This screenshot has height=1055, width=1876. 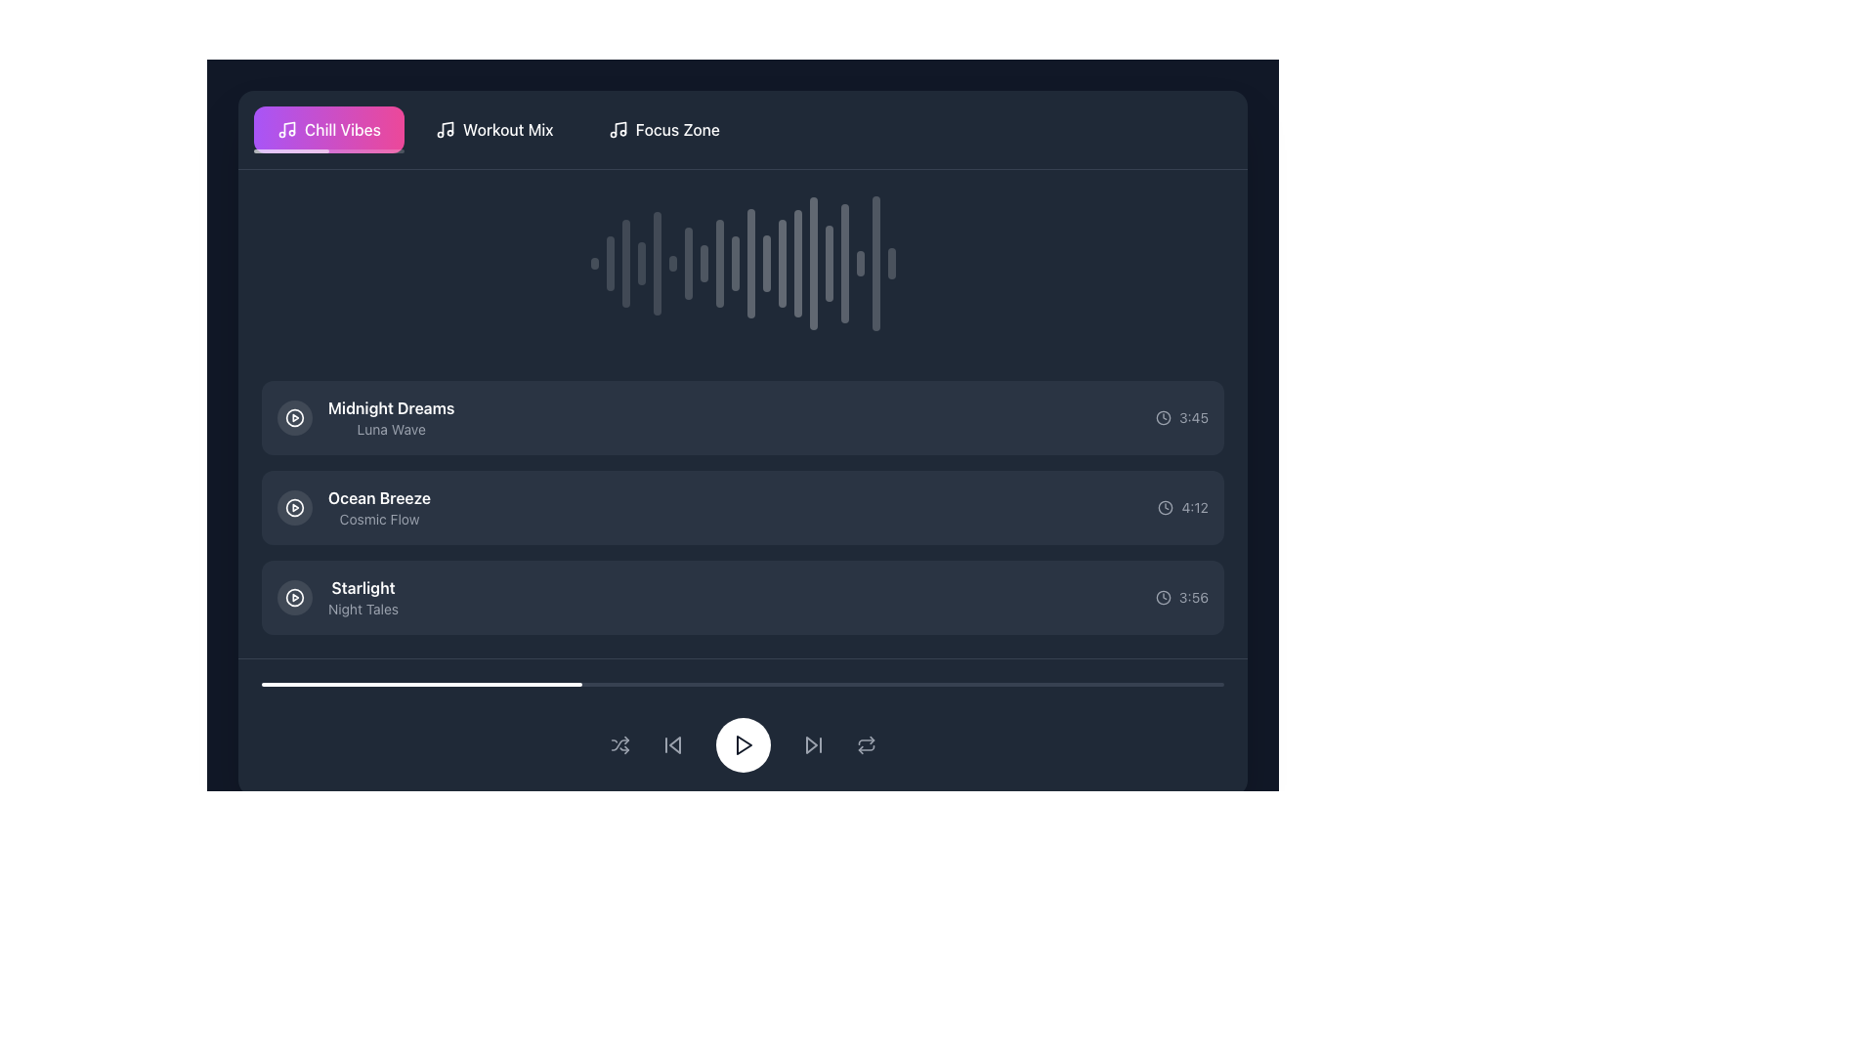 What do you see at coordinates (294, 417) in the screenshot?
I see `the circular Play button with an outlined triangle symbol located adjacent` at bounding box center [294, 417].